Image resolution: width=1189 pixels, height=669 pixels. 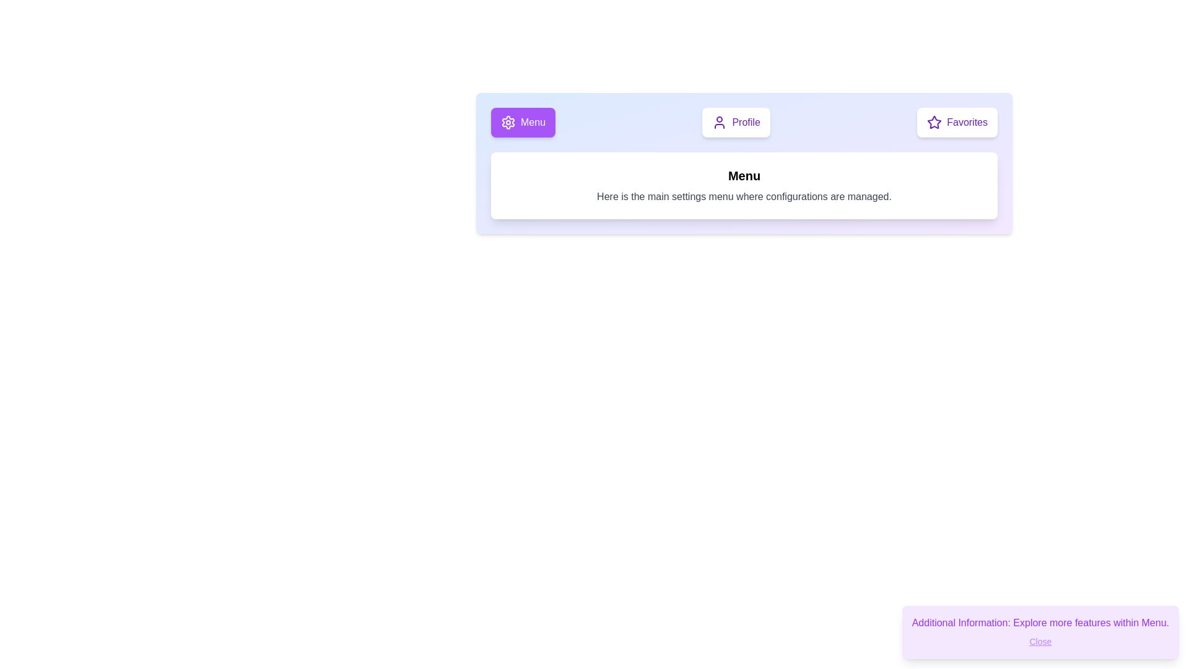 What do you see at coordinates (934, 122) in the screenshot?
I see `the purple star-shaped icon located in the top-right corner of the interface within the 'Favorites' button area` at bounding box center [934, 122].